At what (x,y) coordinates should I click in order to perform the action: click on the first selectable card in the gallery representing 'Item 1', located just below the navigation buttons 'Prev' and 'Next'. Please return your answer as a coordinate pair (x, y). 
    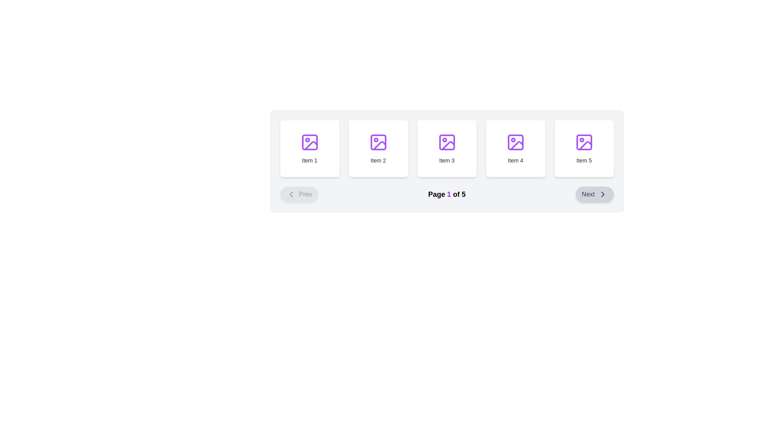
    Looking at the image, I should click on (309, 149).